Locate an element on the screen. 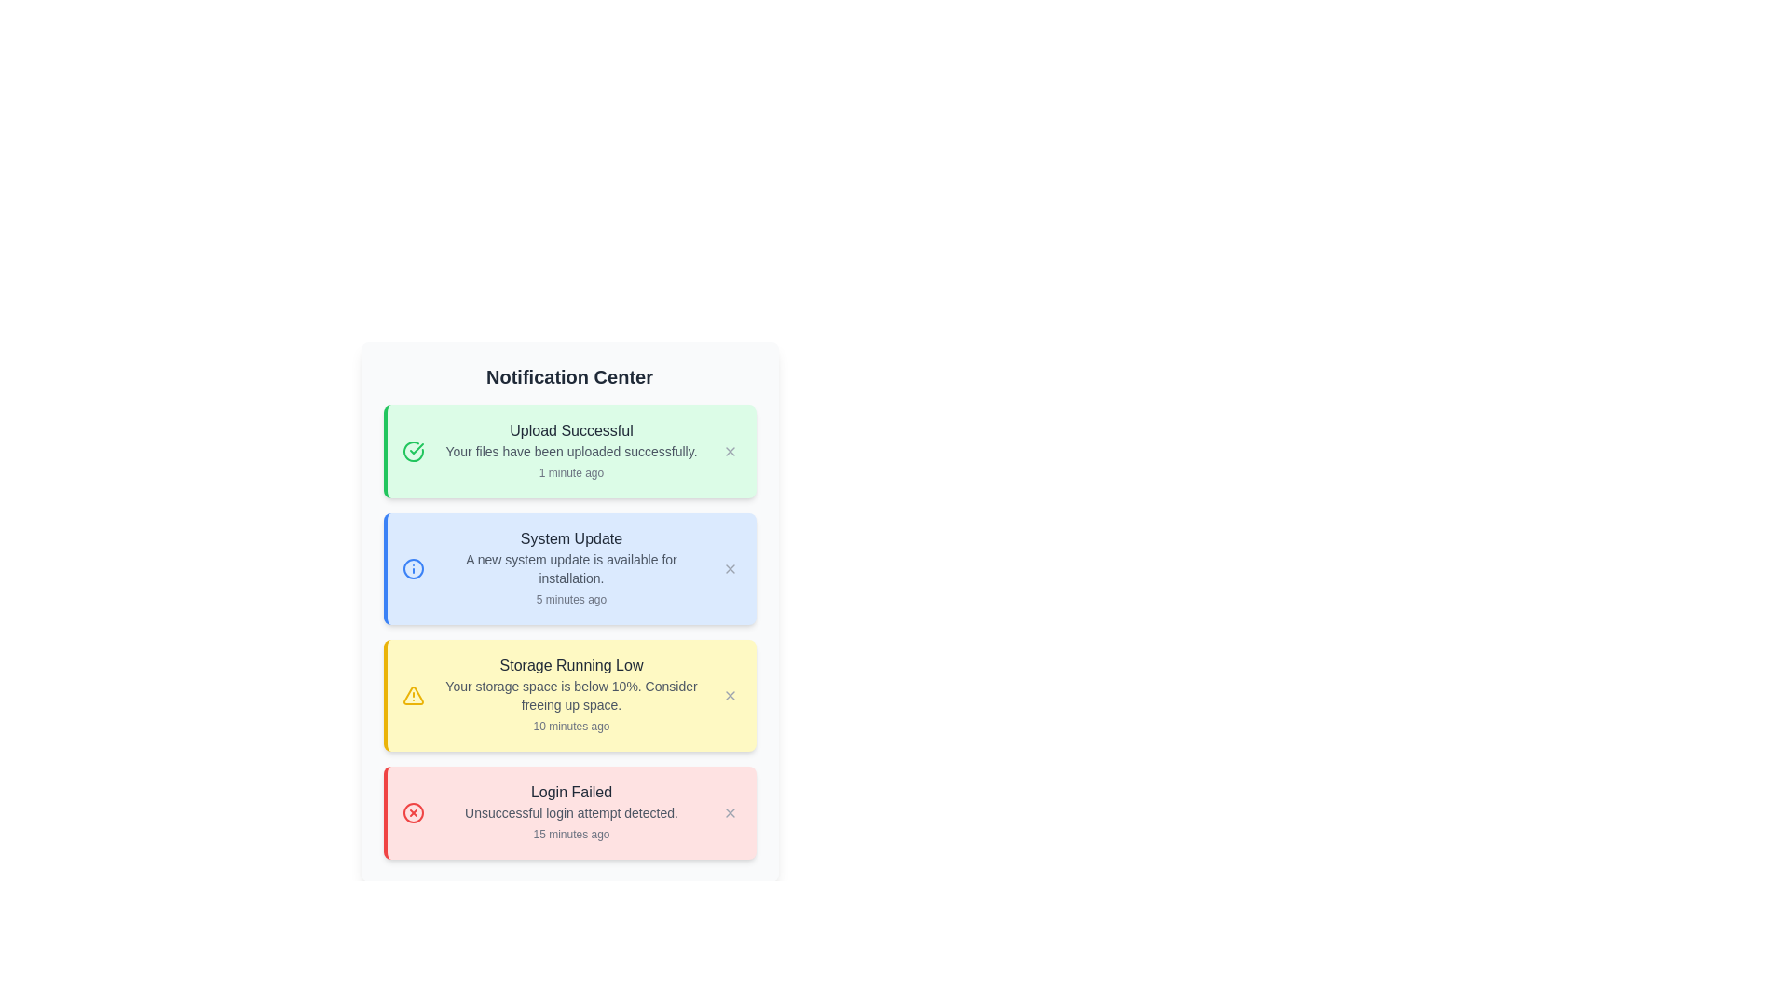  static text that says 'A new system update is available for installation.' located within the notification card titled 'System Update.' is located at coordinates (570, 567).